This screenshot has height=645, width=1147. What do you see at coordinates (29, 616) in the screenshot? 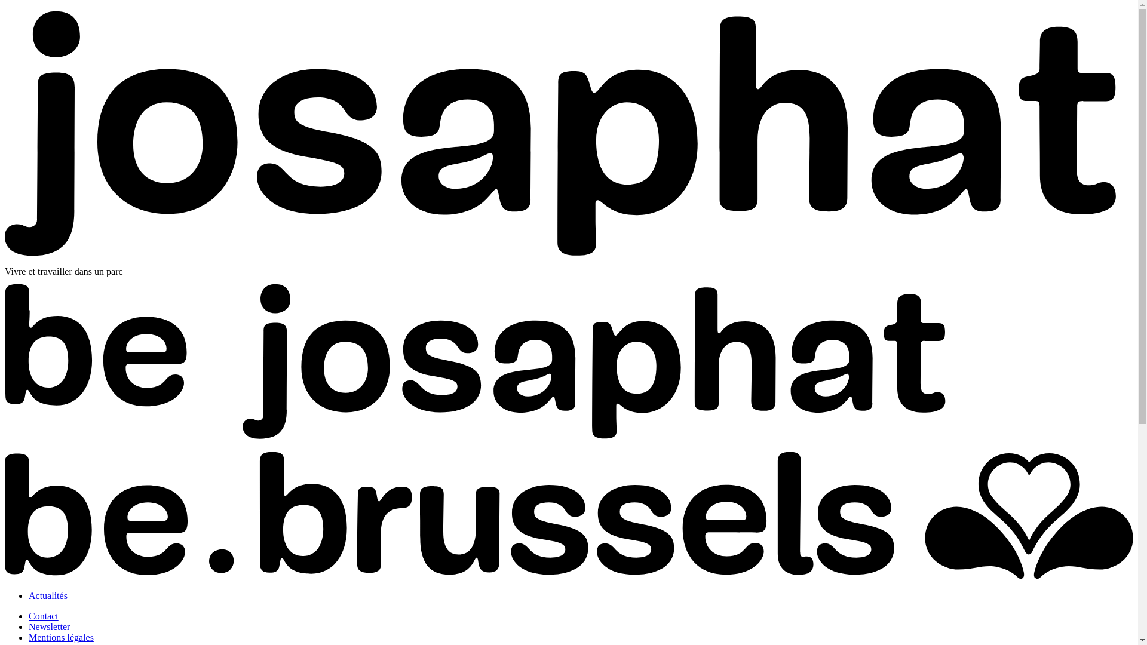
I see `'Contact'` at bounding box center [29, 616].